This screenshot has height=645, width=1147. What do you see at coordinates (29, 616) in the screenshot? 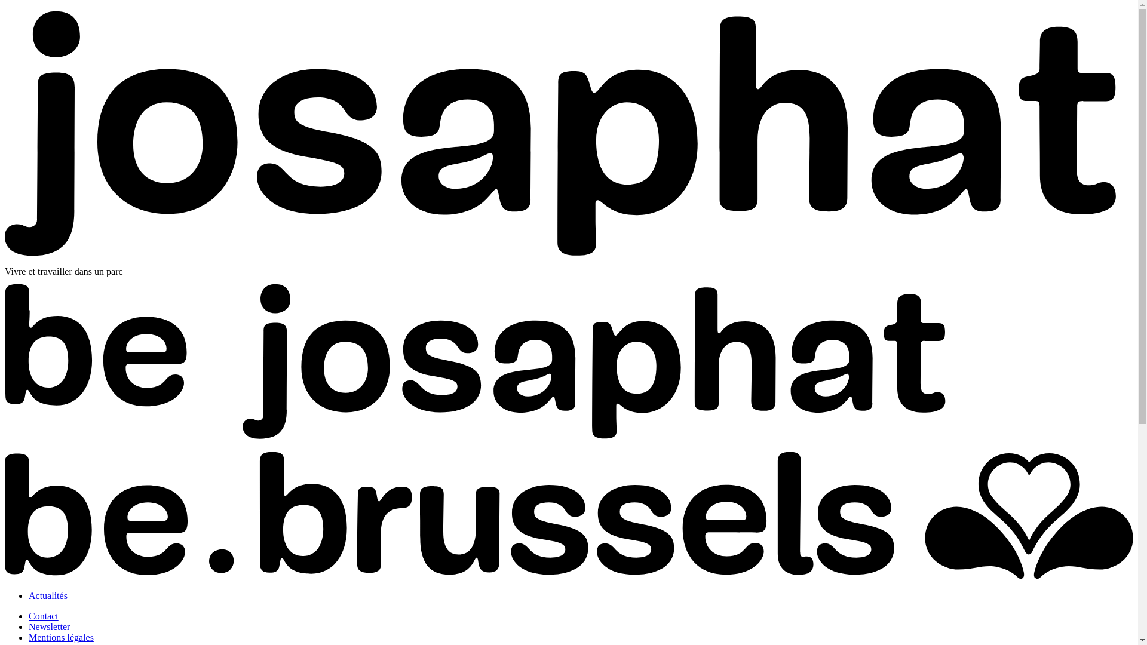
I see `'Contact'` at bounding box center [29, 616].